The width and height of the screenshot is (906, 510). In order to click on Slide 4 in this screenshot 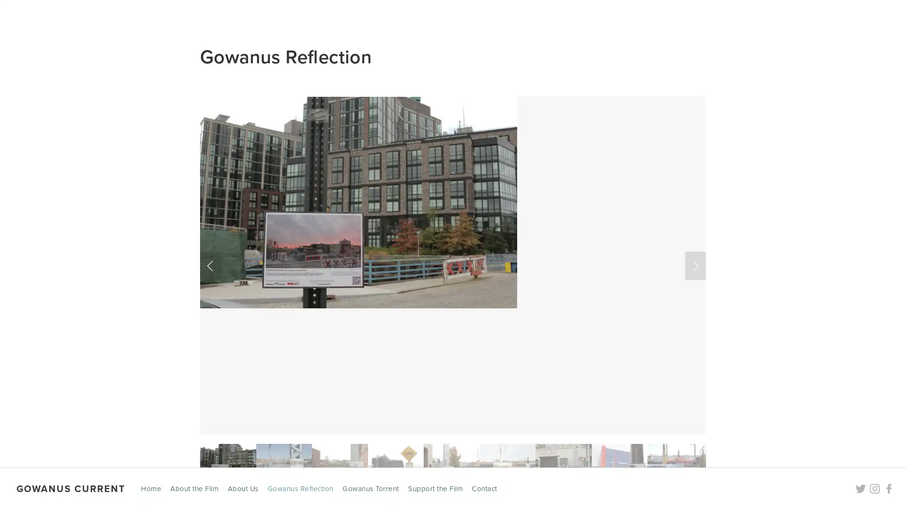, I will do `click(395, 461)`.